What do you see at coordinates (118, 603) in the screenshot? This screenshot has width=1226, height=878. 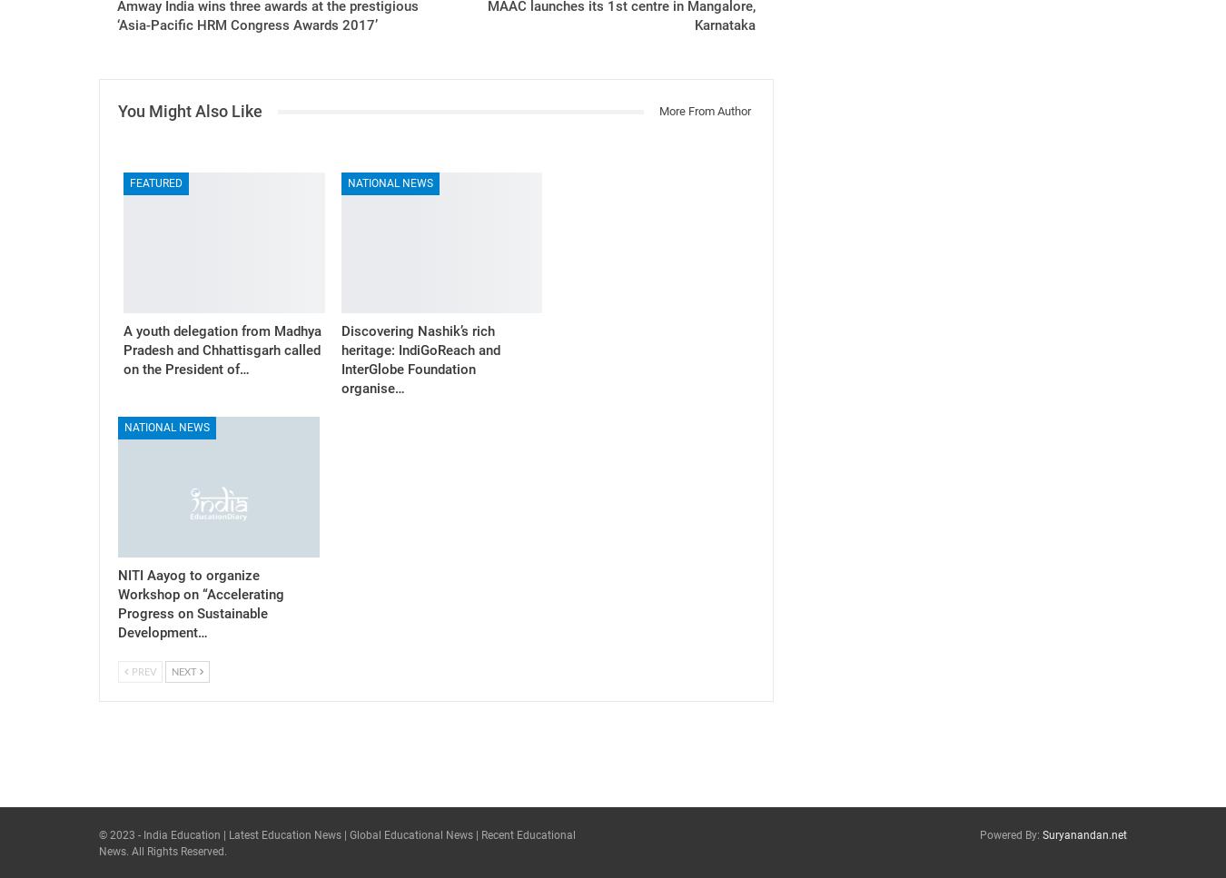 I see `'NITI Aayog to organize Workshop on “Accelerating Progress on Sustainable Development…'` at bounding box center [118, 603].